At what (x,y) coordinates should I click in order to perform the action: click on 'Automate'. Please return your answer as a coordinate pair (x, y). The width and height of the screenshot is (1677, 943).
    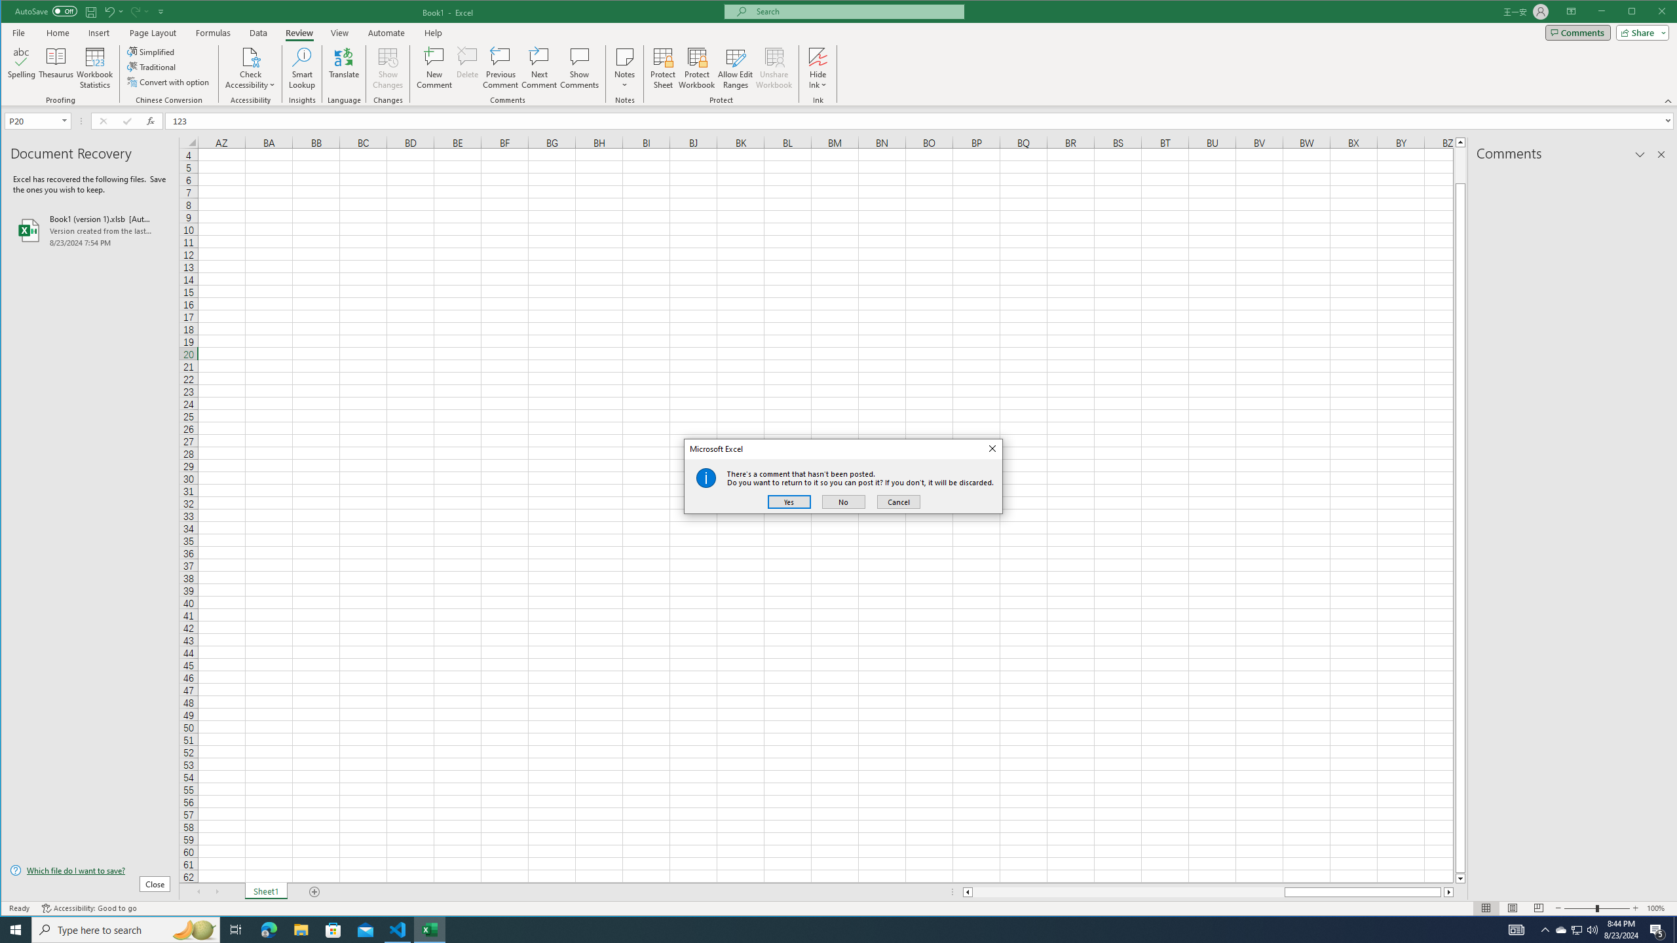
    Looking at the image, I should click on (387, 32).